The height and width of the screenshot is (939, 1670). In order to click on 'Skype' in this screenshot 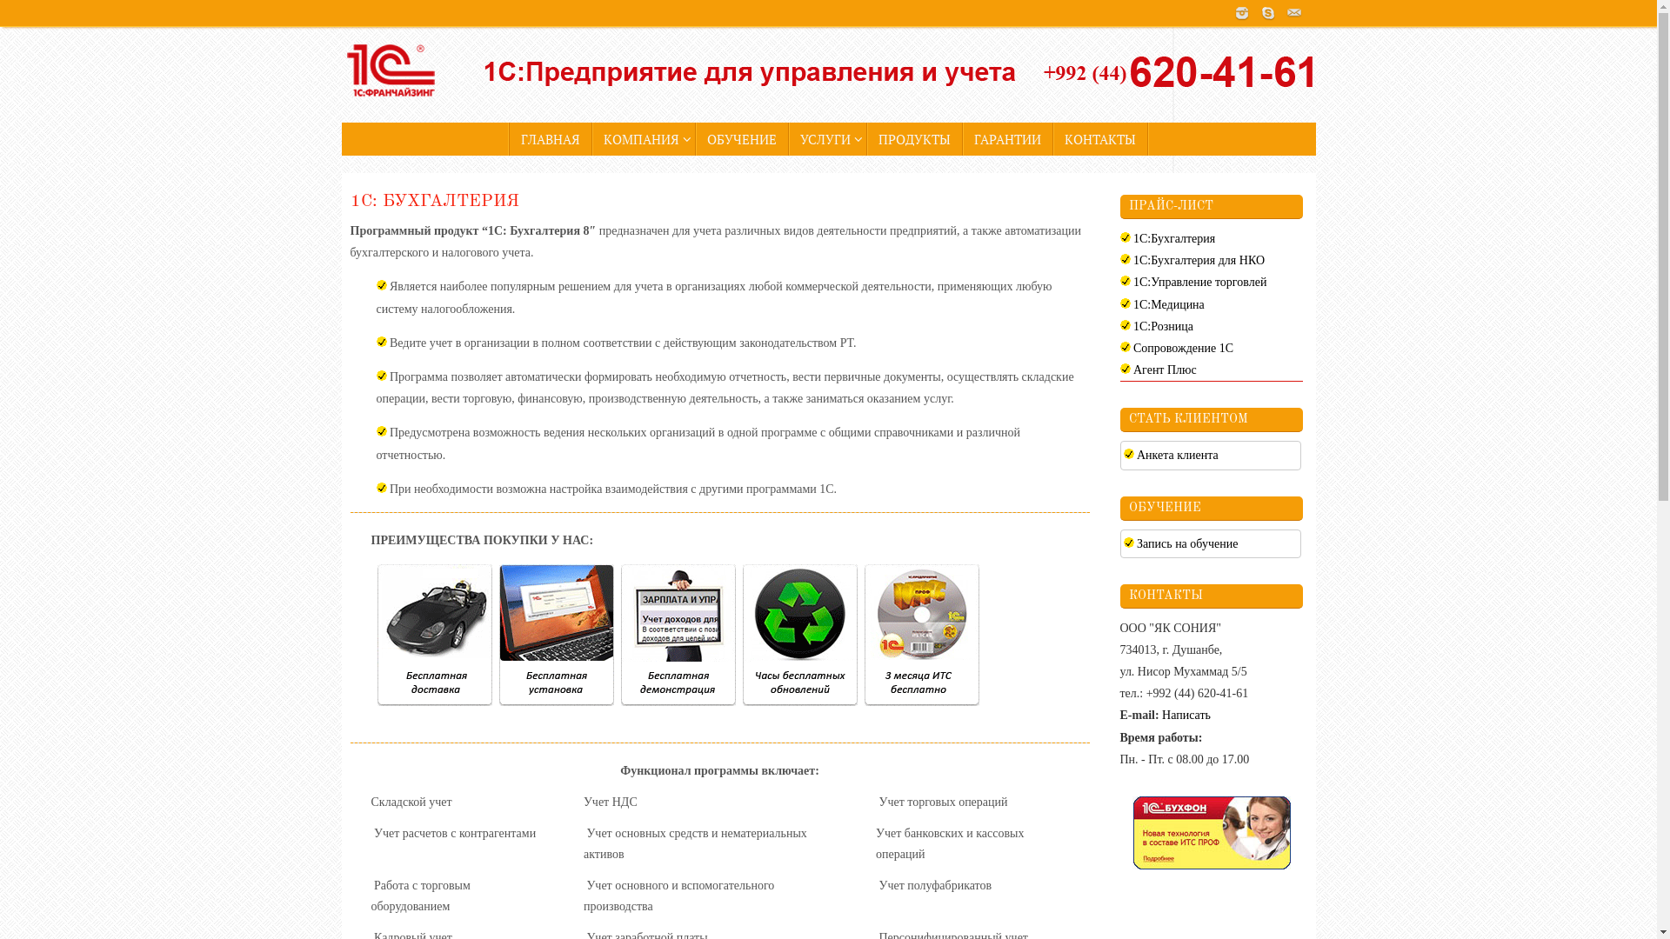, I will do `click(1267, 13)`.